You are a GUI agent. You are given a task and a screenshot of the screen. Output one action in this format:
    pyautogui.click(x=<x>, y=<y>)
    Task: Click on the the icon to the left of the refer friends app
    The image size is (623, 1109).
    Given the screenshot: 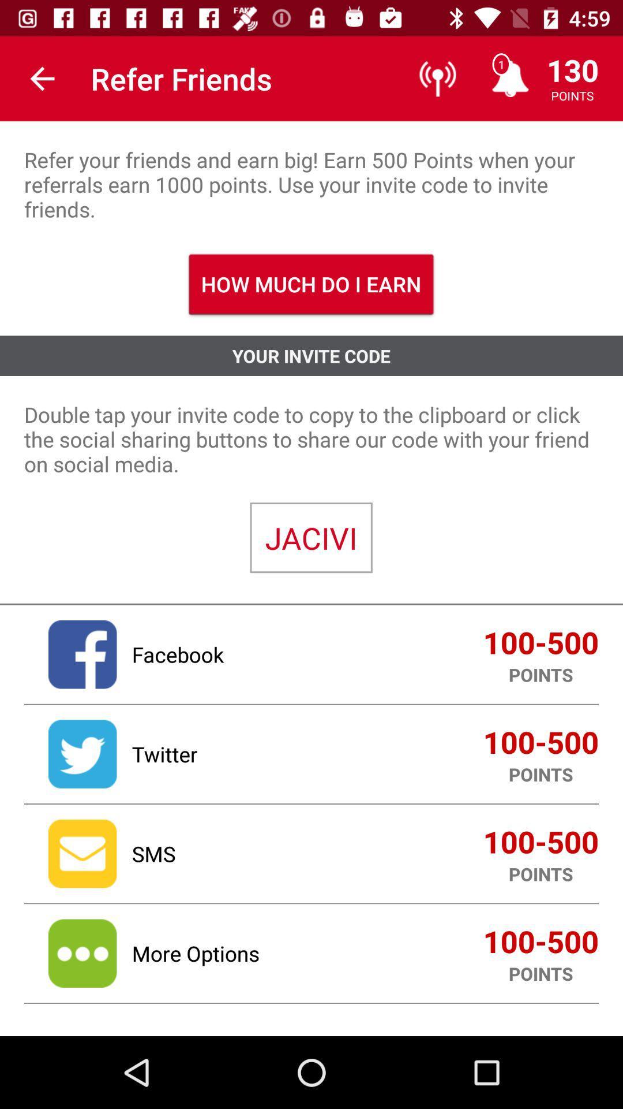 What is the action you would take?
    pyautogui.click(x=42, y=78)
    